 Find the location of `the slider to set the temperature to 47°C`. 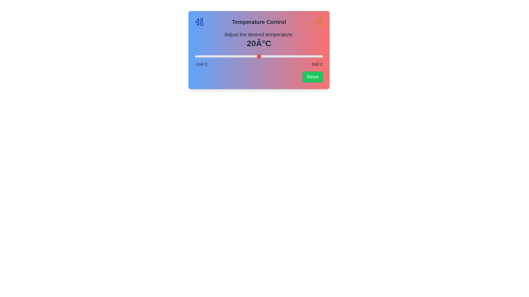

the slider to set the temperature to 47°C is located at coordinates (316, 56).